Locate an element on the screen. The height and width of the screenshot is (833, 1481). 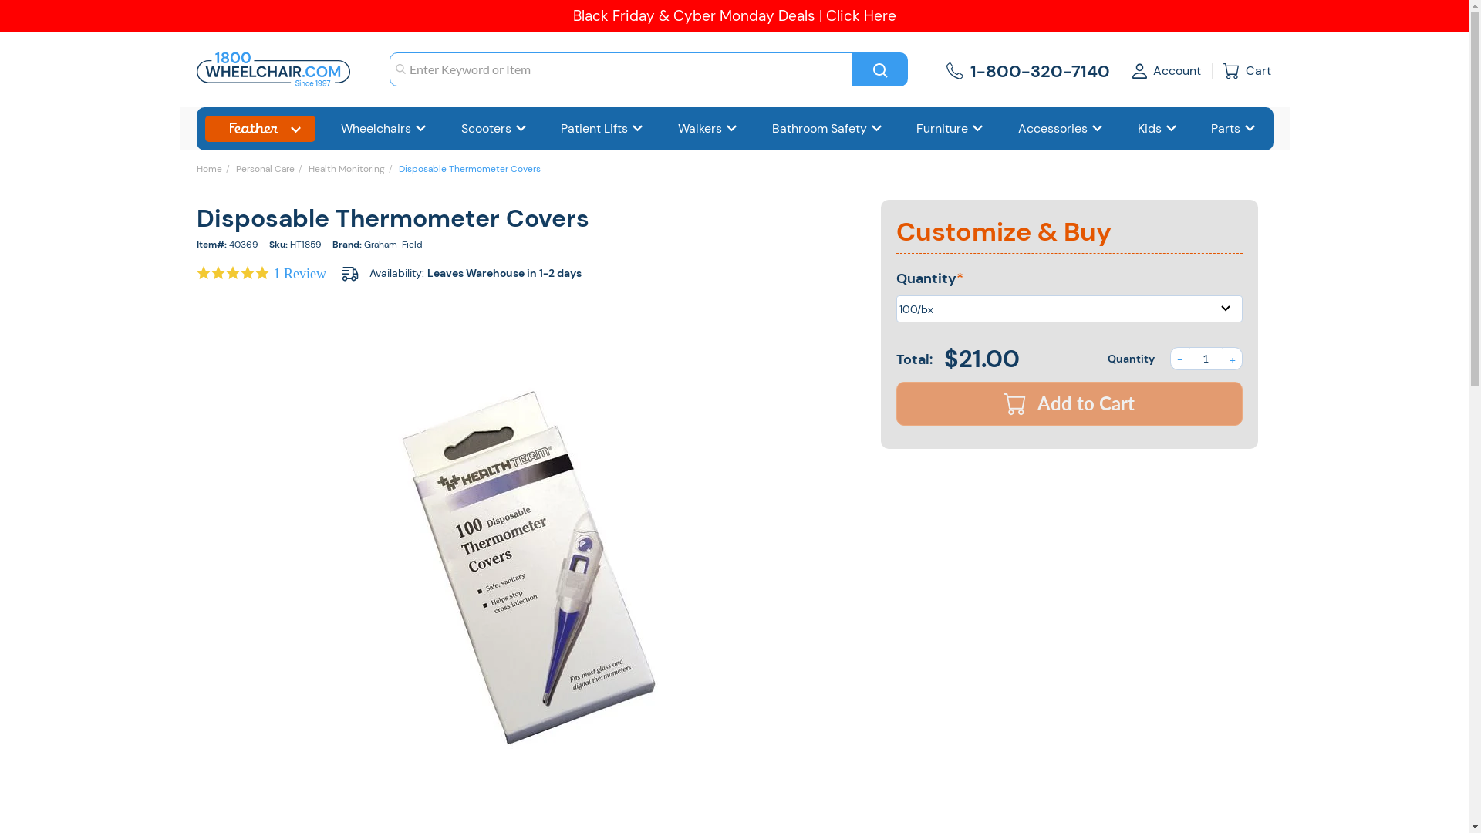
'Patient Lifts' is located at coordinates (602, 128).